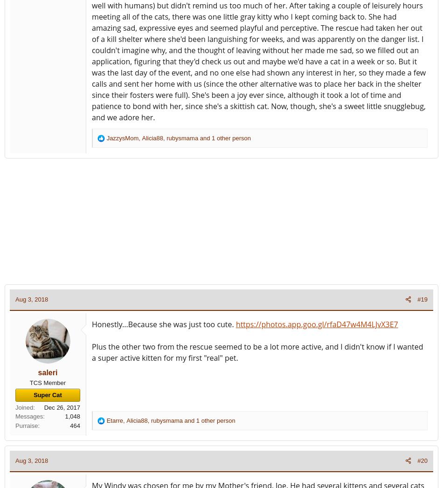 The width and height of the screenshot is (443, 488). Describe the element at coordinates (422, 299) in the screenshot. I see `'#19'` at that location.